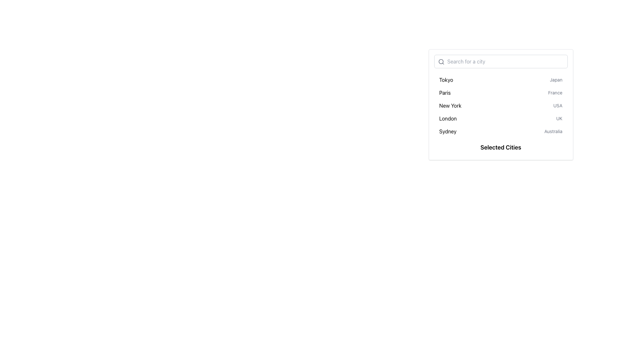 This screenshot has width=619, height=348. I want to click on the text label representing the city 'New York', so click(450, 105).